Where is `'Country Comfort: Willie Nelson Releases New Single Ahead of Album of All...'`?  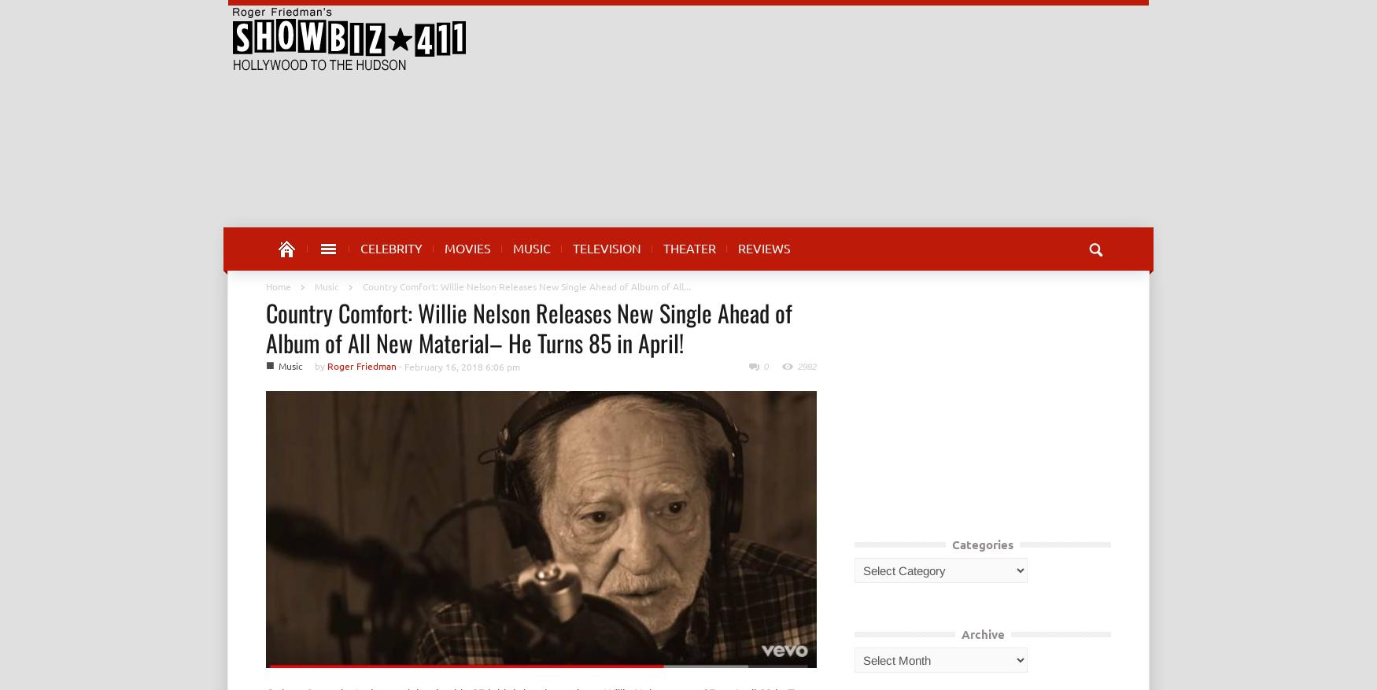 'Country Comfort: Willie Nelson Releases New Single Ahead of Album of All...' is located at coordinates (526, 286).